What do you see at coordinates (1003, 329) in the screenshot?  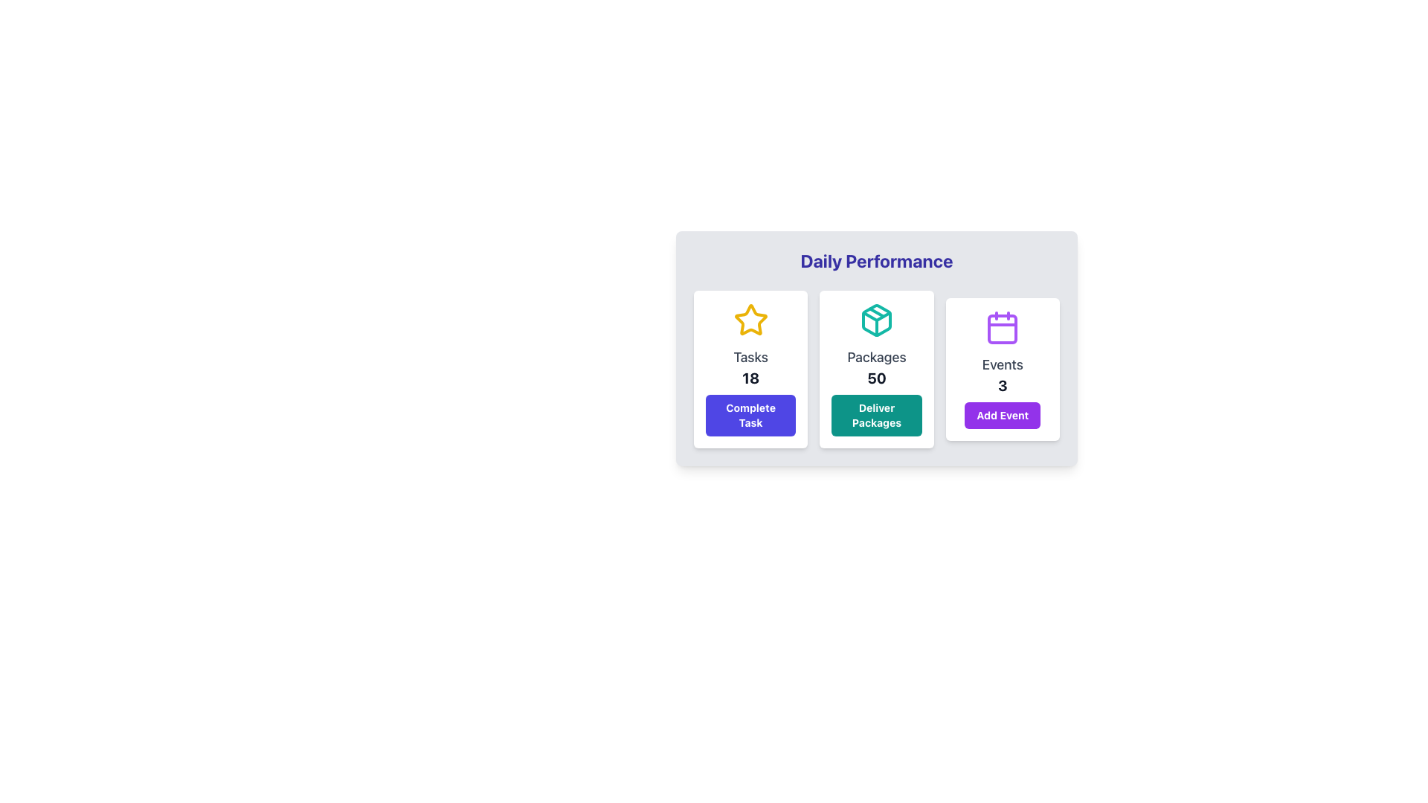 I see `the graphical SVG shape within the calendar icon located in the rightmost card labeled 'Events 3' under the 'Daily Performance' section` at bounding box center [1003, 329].